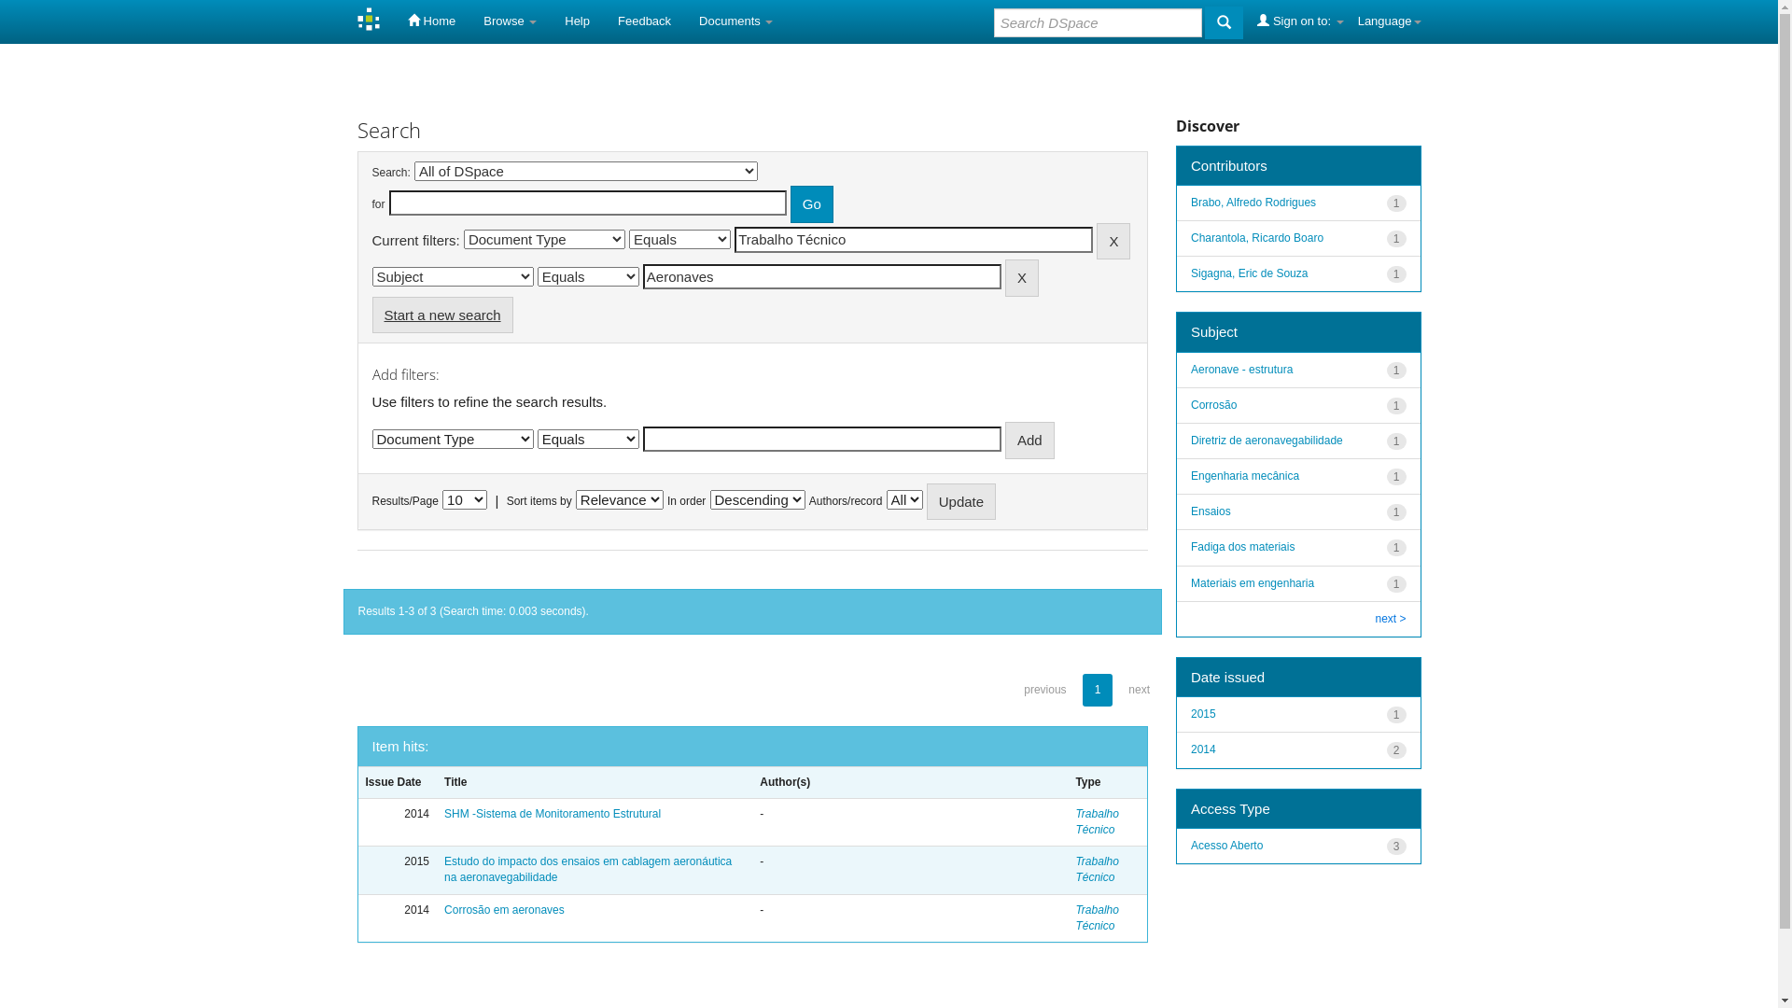 The height and width of the screenshot is (1008, 1792). What do you see at coordinates (1190, 440) in the screenshot?
I see `'Diretriz de aeronavegabilidade'` at bounding box center [1190, 440].